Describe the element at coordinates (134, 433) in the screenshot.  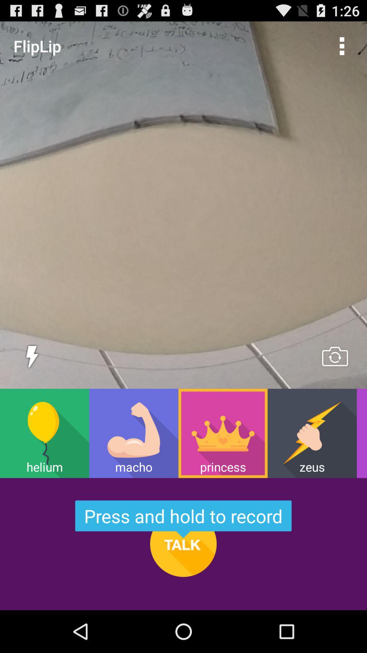
I see `icon to the left of princess icon` at that location.